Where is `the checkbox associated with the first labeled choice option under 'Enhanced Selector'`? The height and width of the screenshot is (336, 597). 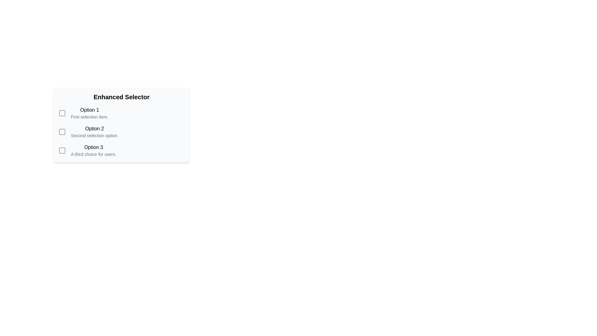 the checkbox associated with the first labeled choice option under 'Enhanced Selector' is located at coordinates (89, 113).